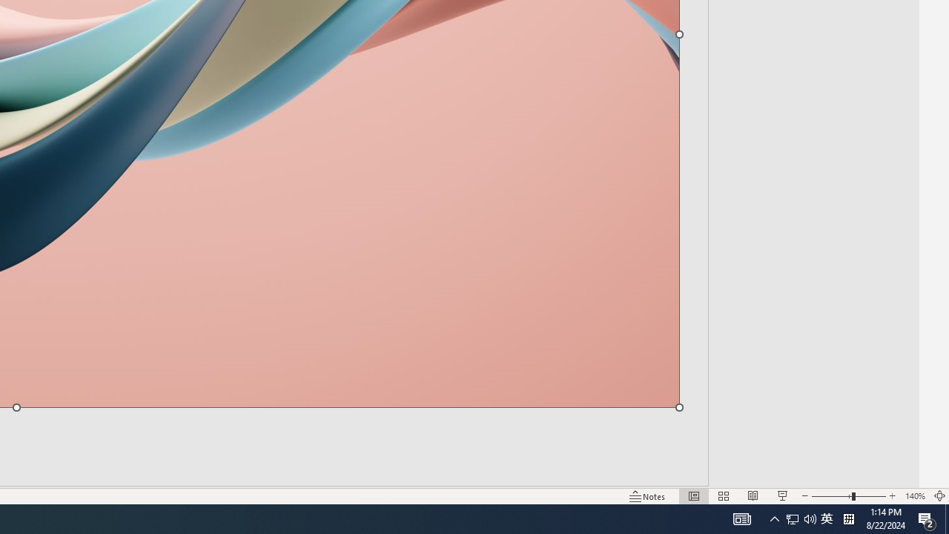  What do you see at coordinates (693, 496) in the screenshot?
I see `'Normal'` at bounding box center [693, 496].